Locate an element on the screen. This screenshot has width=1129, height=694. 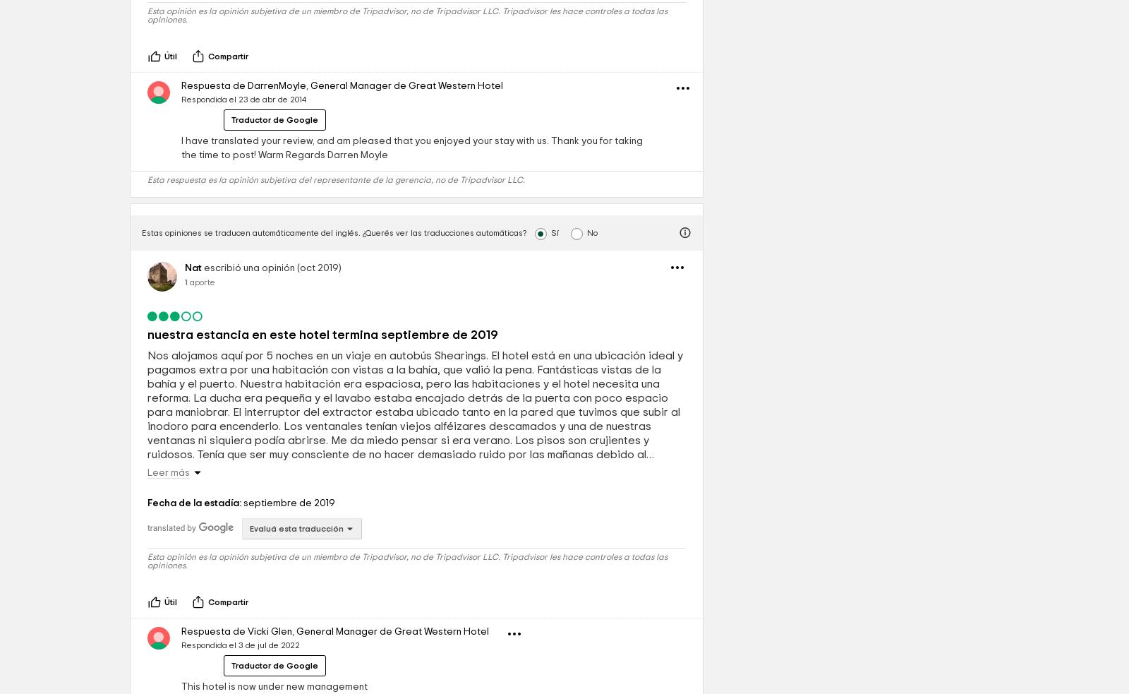
'Sí' is located at coordinates (555, 330).